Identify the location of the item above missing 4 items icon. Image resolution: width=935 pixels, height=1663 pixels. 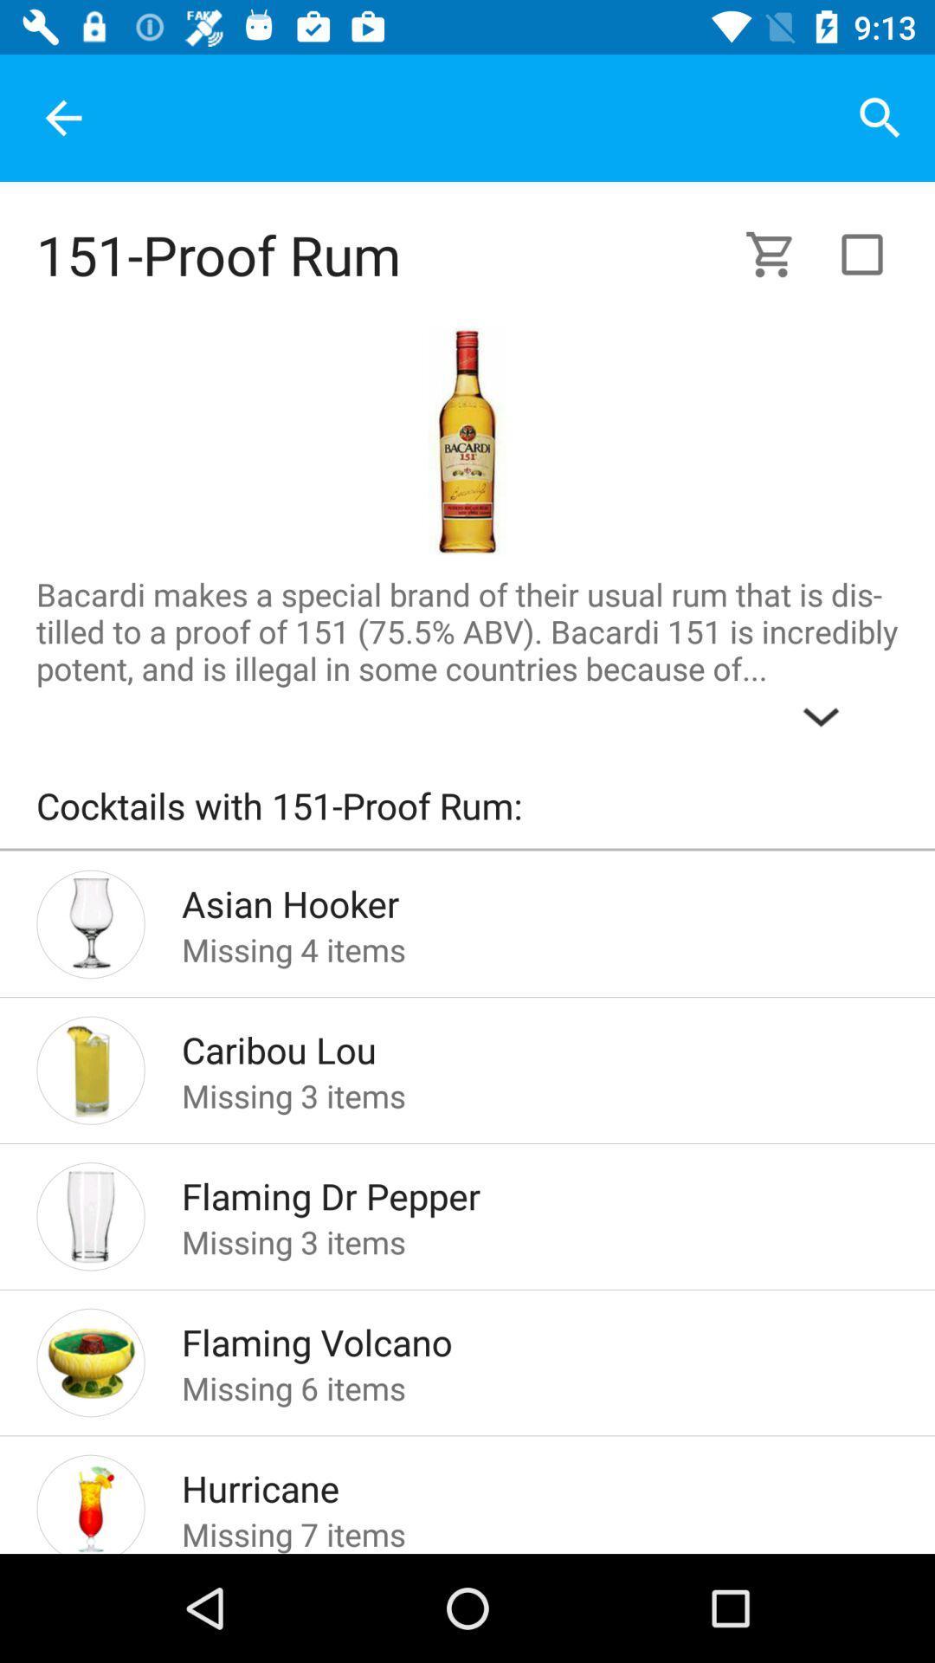
(512, 898).